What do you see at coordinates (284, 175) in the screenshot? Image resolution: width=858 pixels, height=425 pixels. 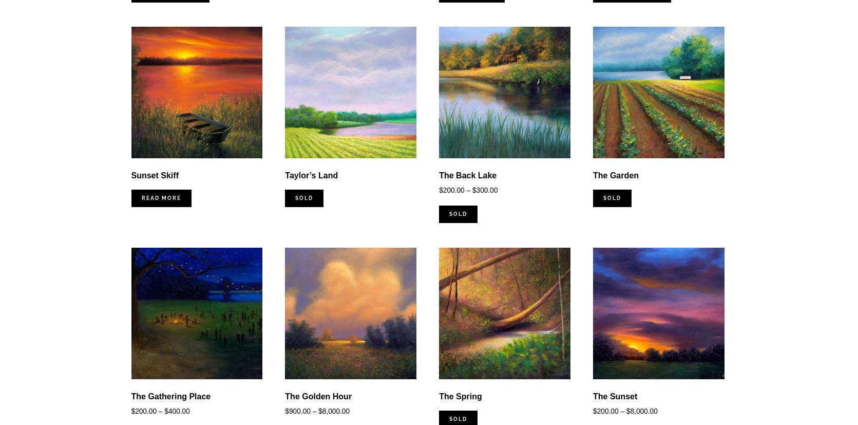 I see `'Taylor’s Land'` at bounding box center [284, 175].